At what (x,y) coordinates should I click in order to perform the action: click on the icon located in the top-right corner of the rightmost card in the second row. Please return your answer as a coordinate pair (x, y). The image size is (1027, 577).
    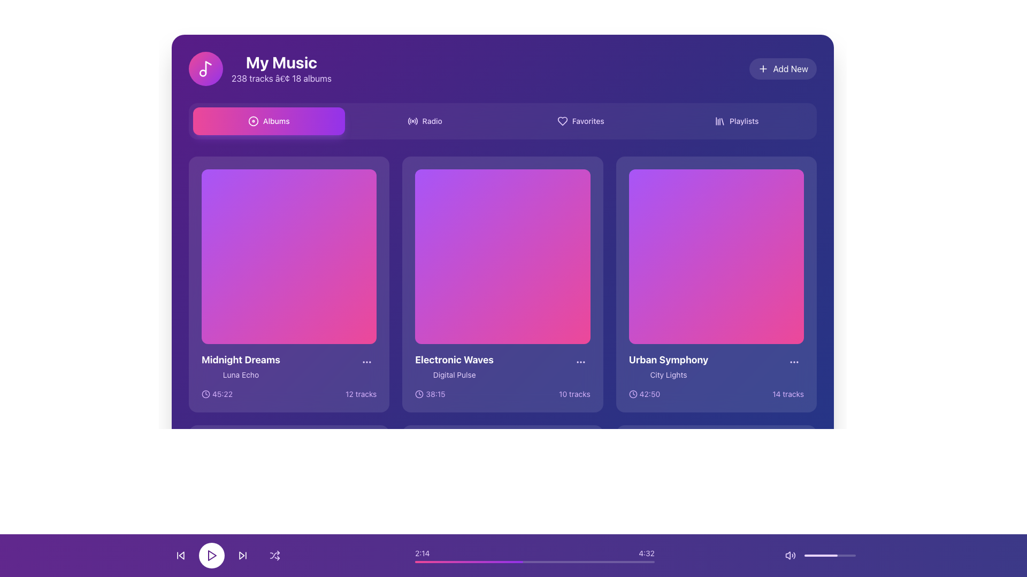
    Looking at the image, I should click on (794, 362).